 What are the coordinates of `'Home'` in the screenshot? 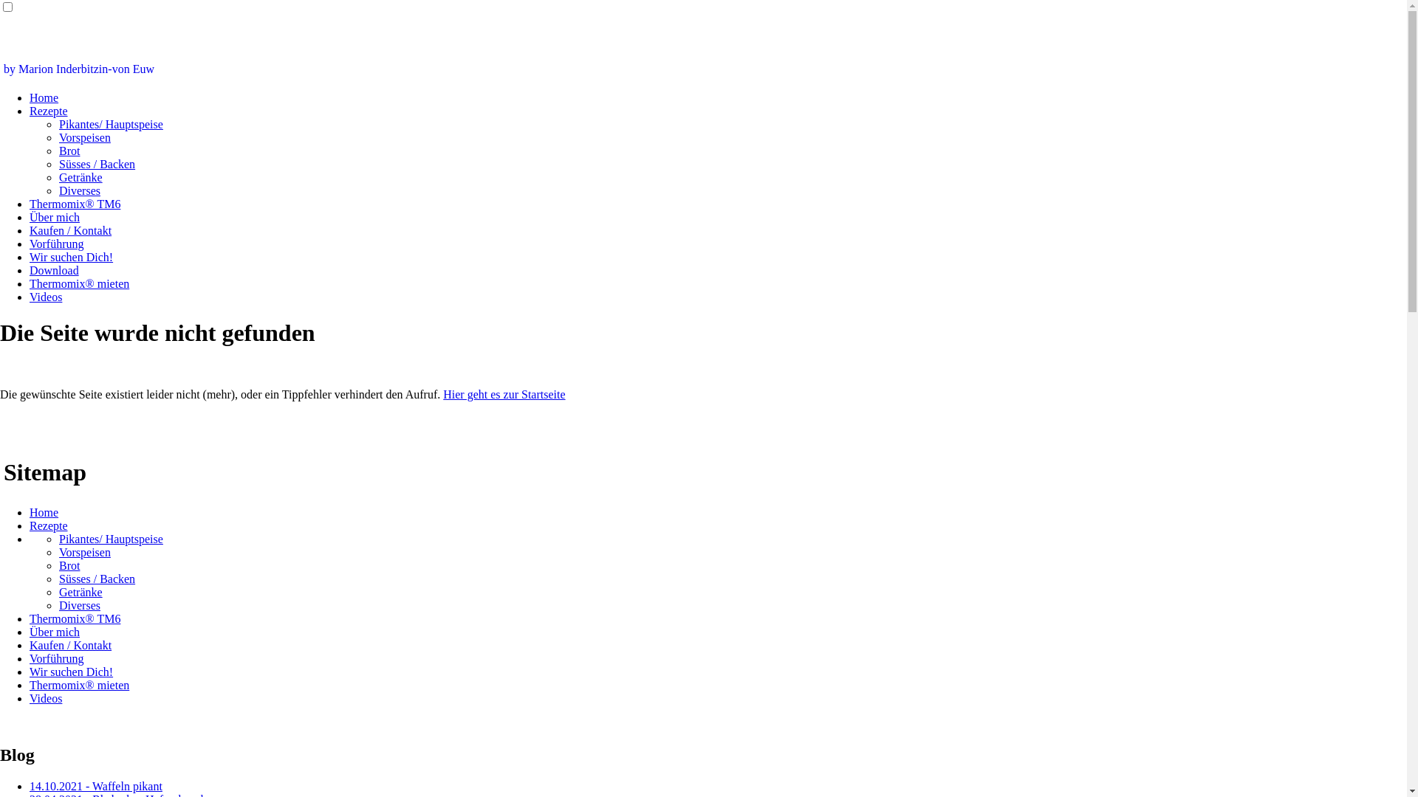 It's located at (29, 97).